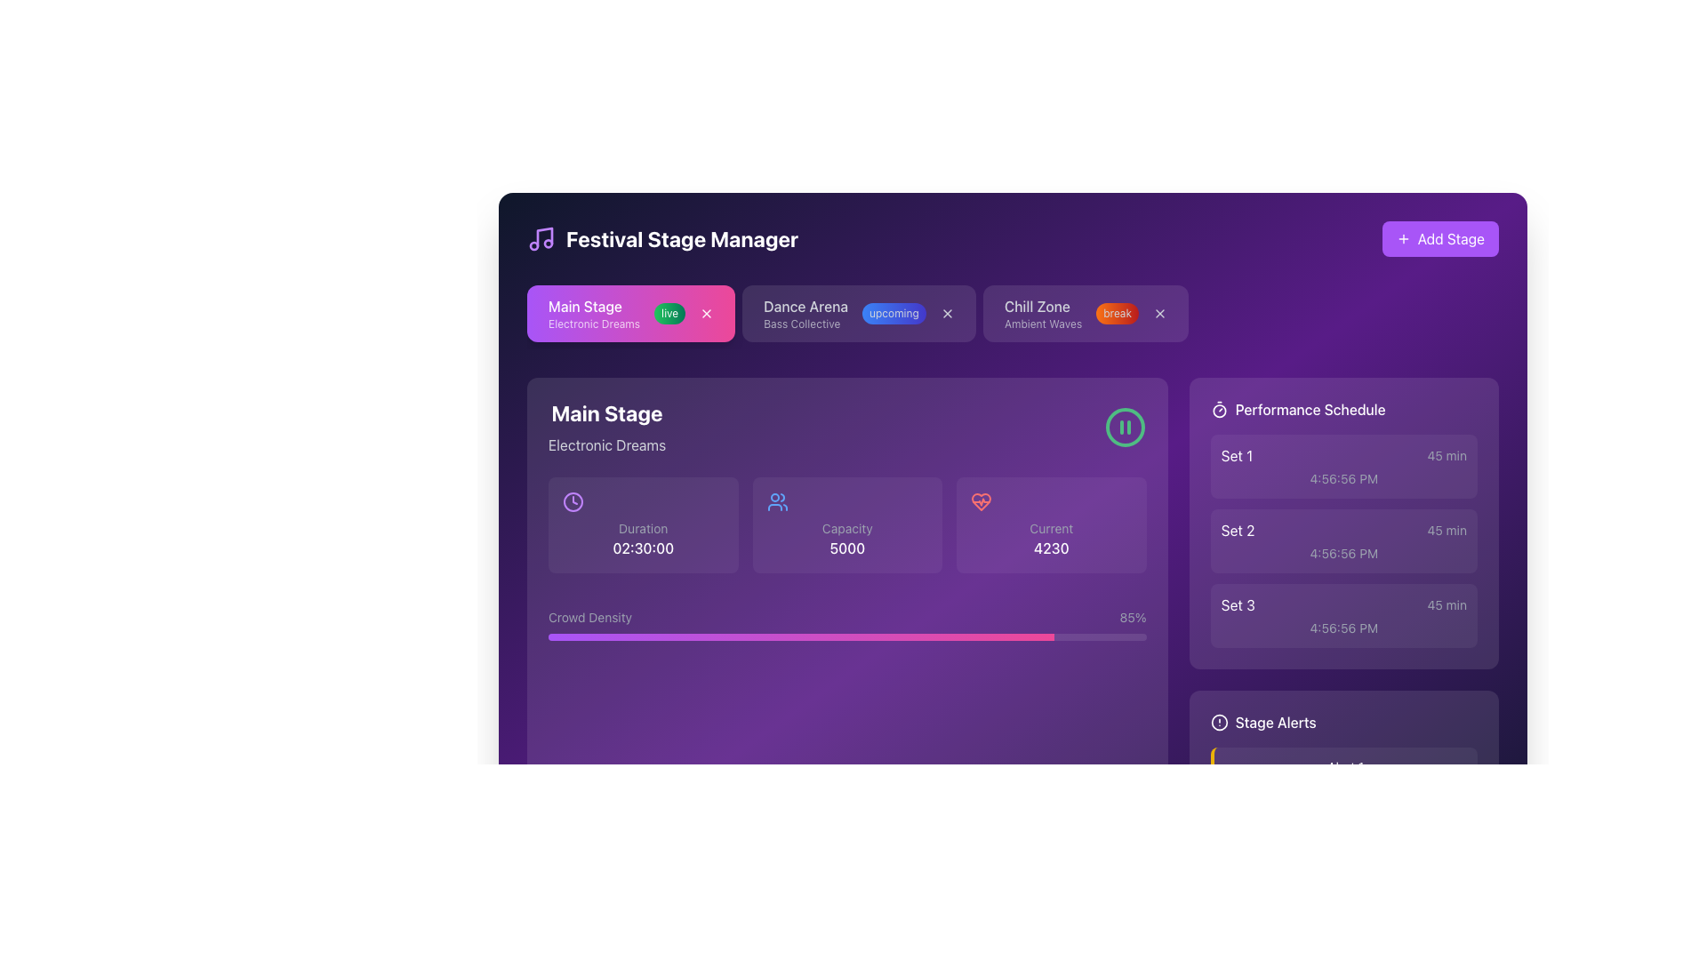 The width and height of the screenshot is (1707, 960). What do you see at coordinates (1160, 313) in the screenshot?
I see `the small square-shaped icon featuring a stylized cross ('X') symbol located in the top navigation bar within the 'Chill Zone' card, to change its color` at bounding box center [1160, 313].